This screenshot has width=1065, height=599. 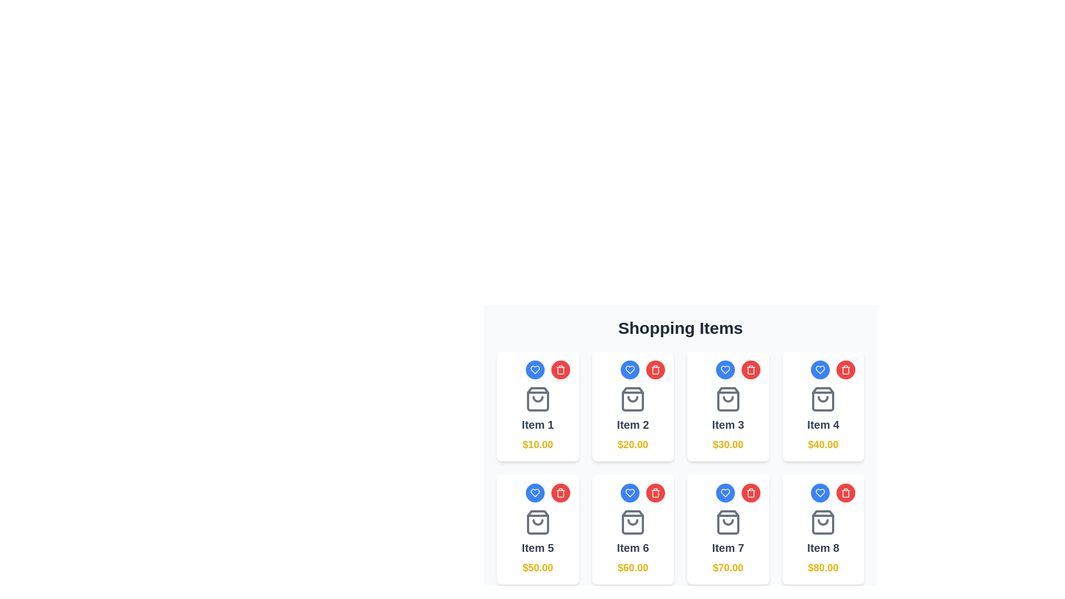 I want to click on the first product display card in the top left corner of the shopping interface, so click(x=537, y=419).